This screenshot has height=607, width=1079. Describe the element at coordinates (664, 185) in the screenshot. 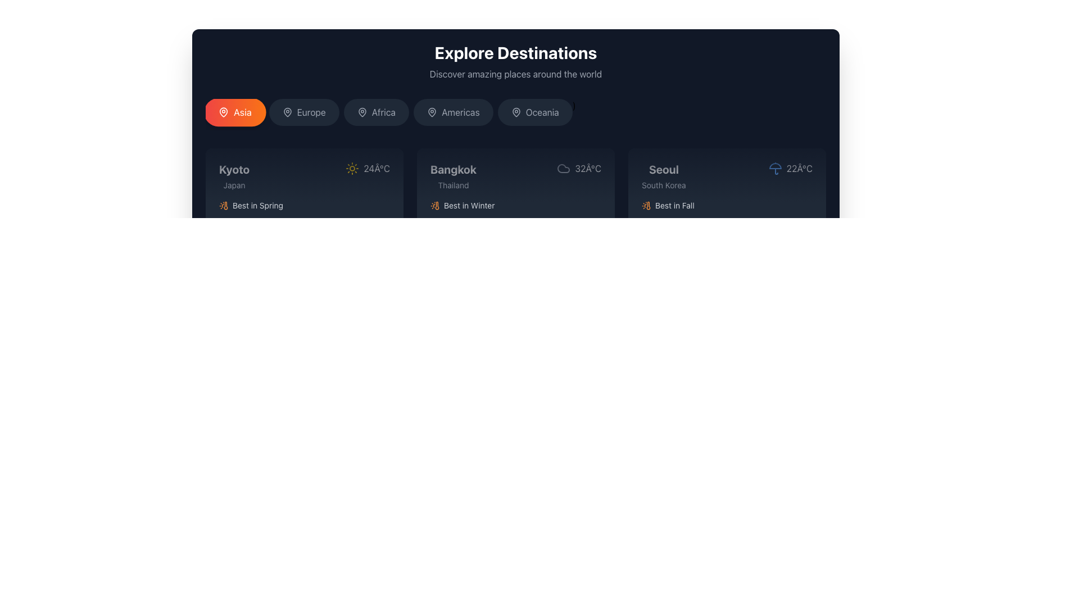

I see `the Text Label providing geographical information about the main destination 'Seoul', located within the card layout under the prominently styled text` at that location.